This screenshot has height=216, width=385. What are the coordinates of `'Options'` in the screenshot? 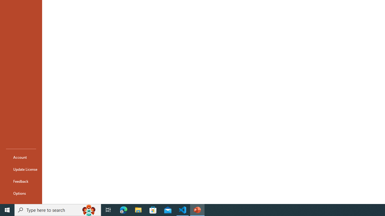 It's located at (21, 193).